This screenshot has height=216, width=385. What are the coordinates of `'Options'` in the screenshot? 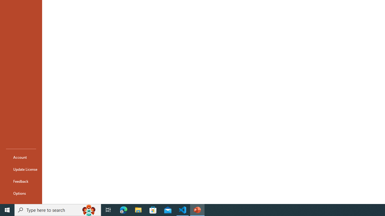 It's located at (21, 193).